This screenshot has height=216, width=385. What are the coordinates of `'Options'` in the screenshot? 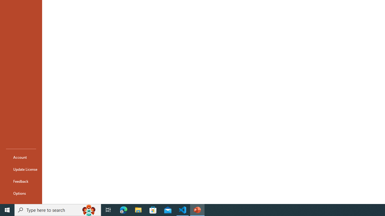 It's located at (21, 193).